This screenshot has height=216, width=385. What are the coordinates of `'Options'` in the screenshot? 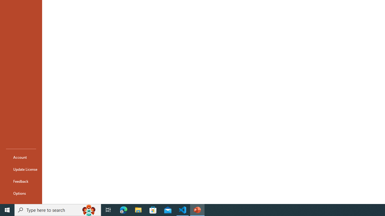 It's located at (21, 193).